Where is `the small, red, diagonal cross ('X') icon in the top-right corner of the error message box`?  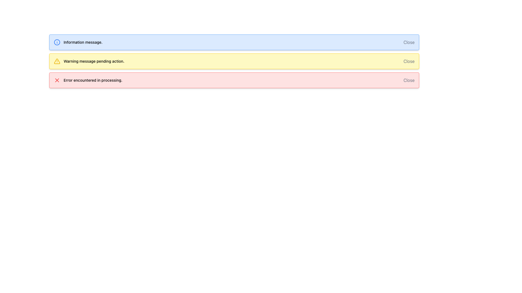 the small, red, diagonal cross ('X') icon in the top-right corner of the error message box is located at coordinates (57, 80).